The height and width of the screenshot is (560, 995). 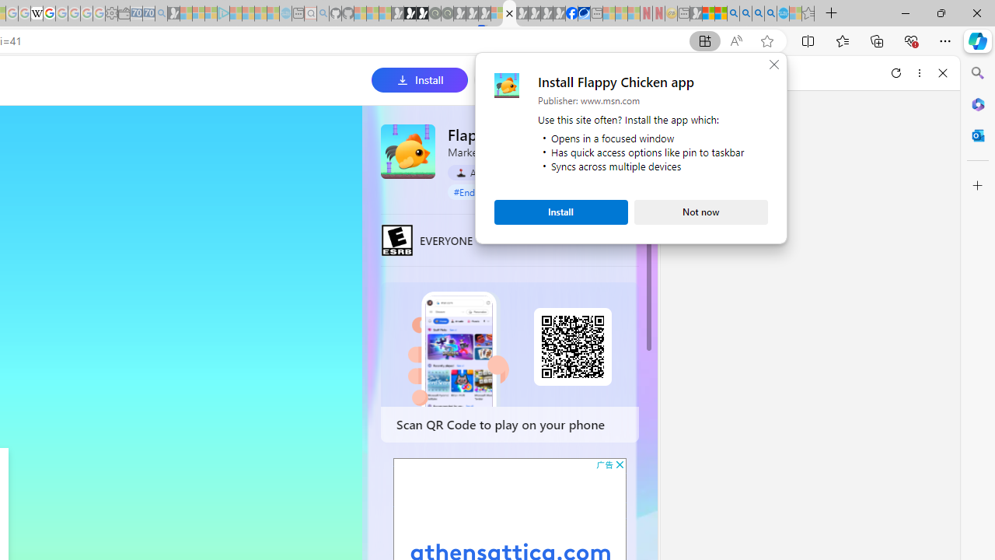 What do you see at coordinates (110, 13) in the screenshot?
I see `'Settings - Sleeping'` at bounding box center [110, 13].